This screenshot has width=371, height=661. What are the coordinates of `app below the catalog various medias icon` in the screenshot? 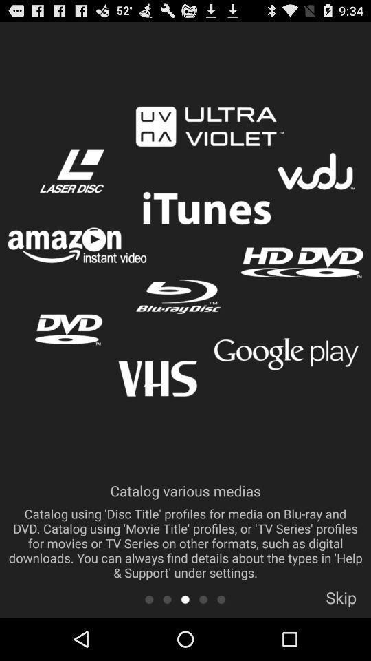 It's located at (167, 598).